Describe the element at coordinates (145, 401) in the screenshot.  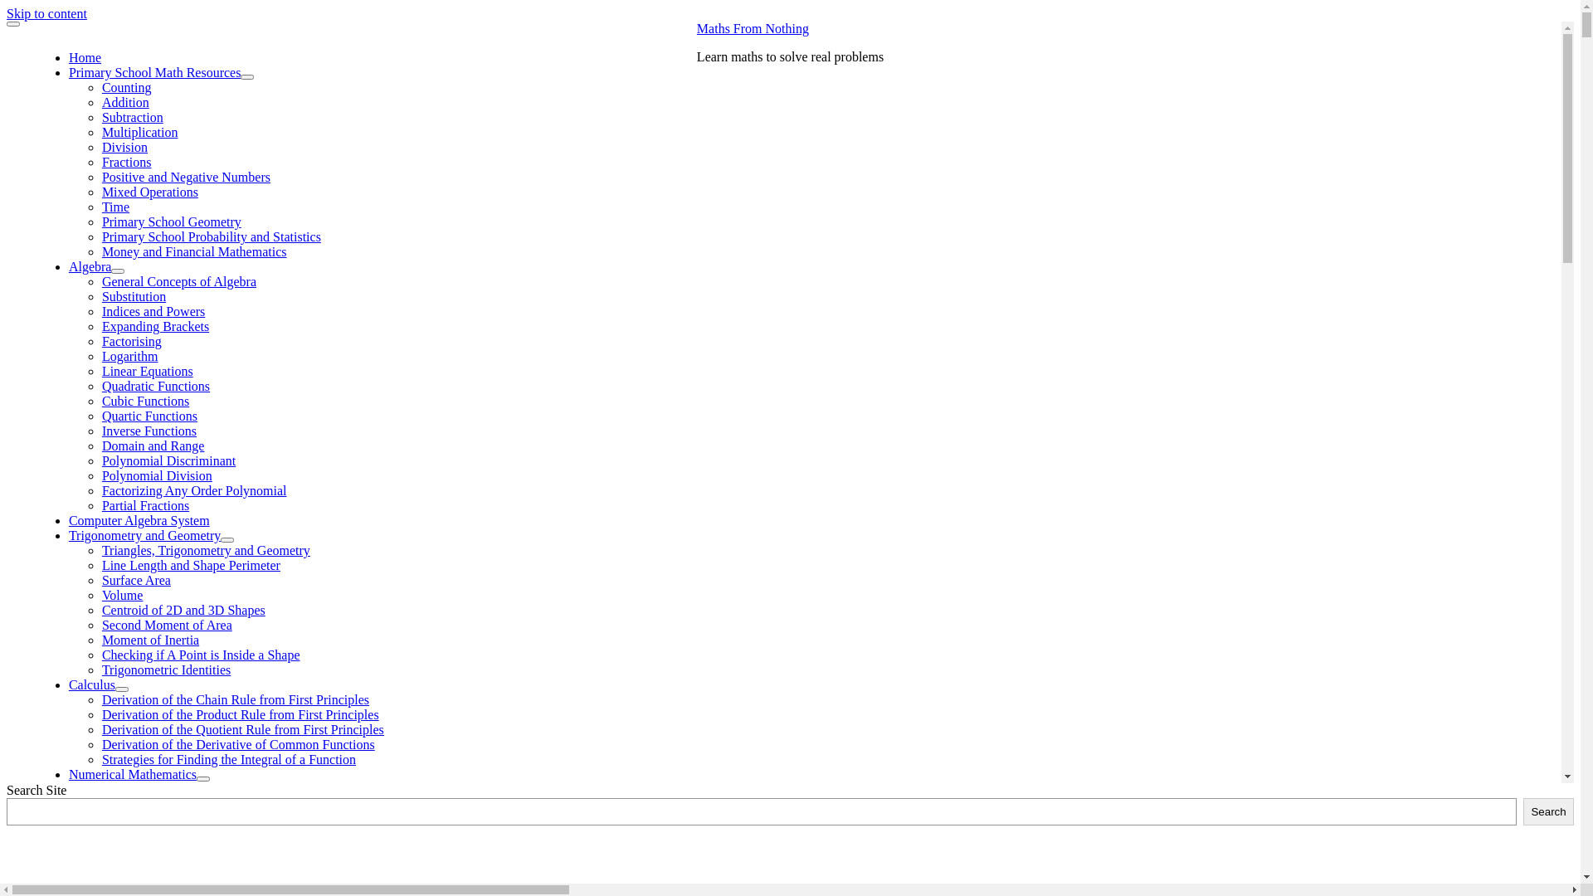
I see `'Cubic Functions'` at that location.